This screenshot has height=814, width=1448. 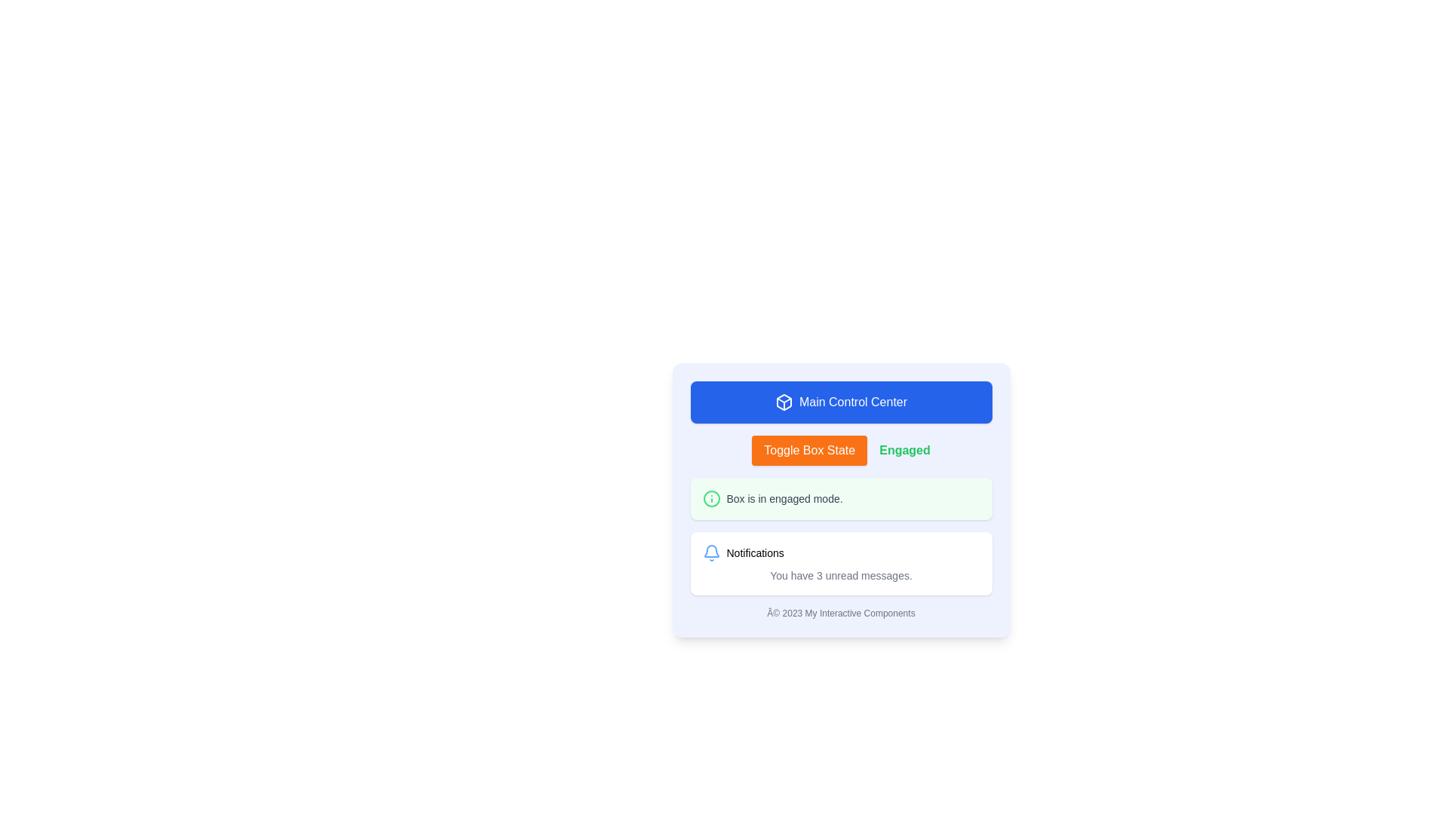 I want to click on the green circular outline within the SVG graphic, located to the left of the 'Box is in engaged mode.' text, to activate any interactive functionality it may have, so click(x=710, y=499).